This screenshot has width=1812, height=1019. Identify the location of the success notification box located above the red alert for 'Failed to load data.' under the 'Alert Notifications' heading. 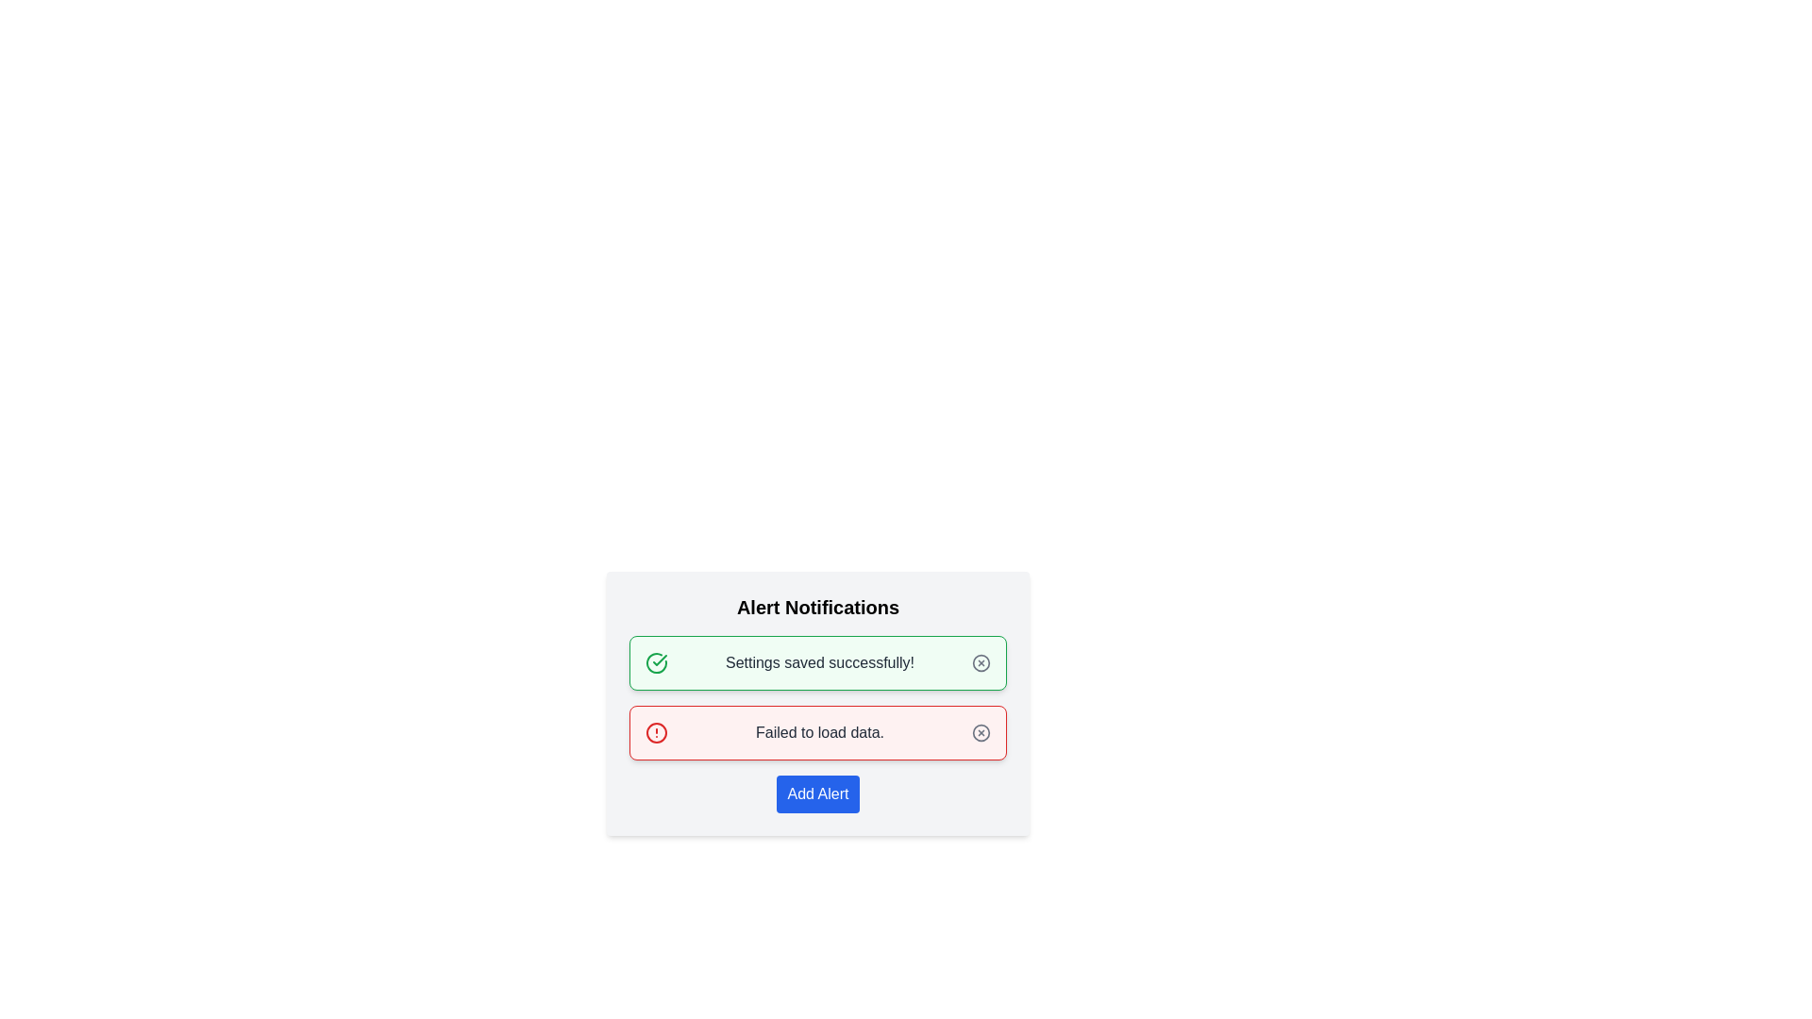
(818, 661).